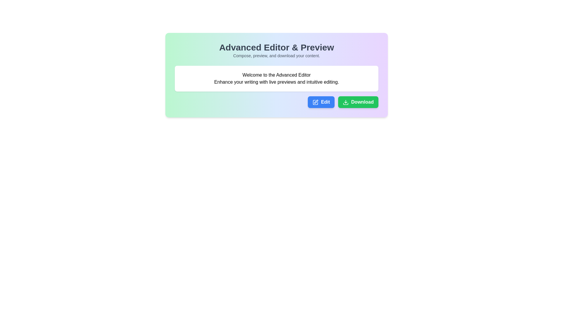  What do you see at coordinates (358, 102) in the screenshot?
I see `the green 'Download' button with white text to initiate a color change, which indicates interactivity` at bounding box center [358, 102].